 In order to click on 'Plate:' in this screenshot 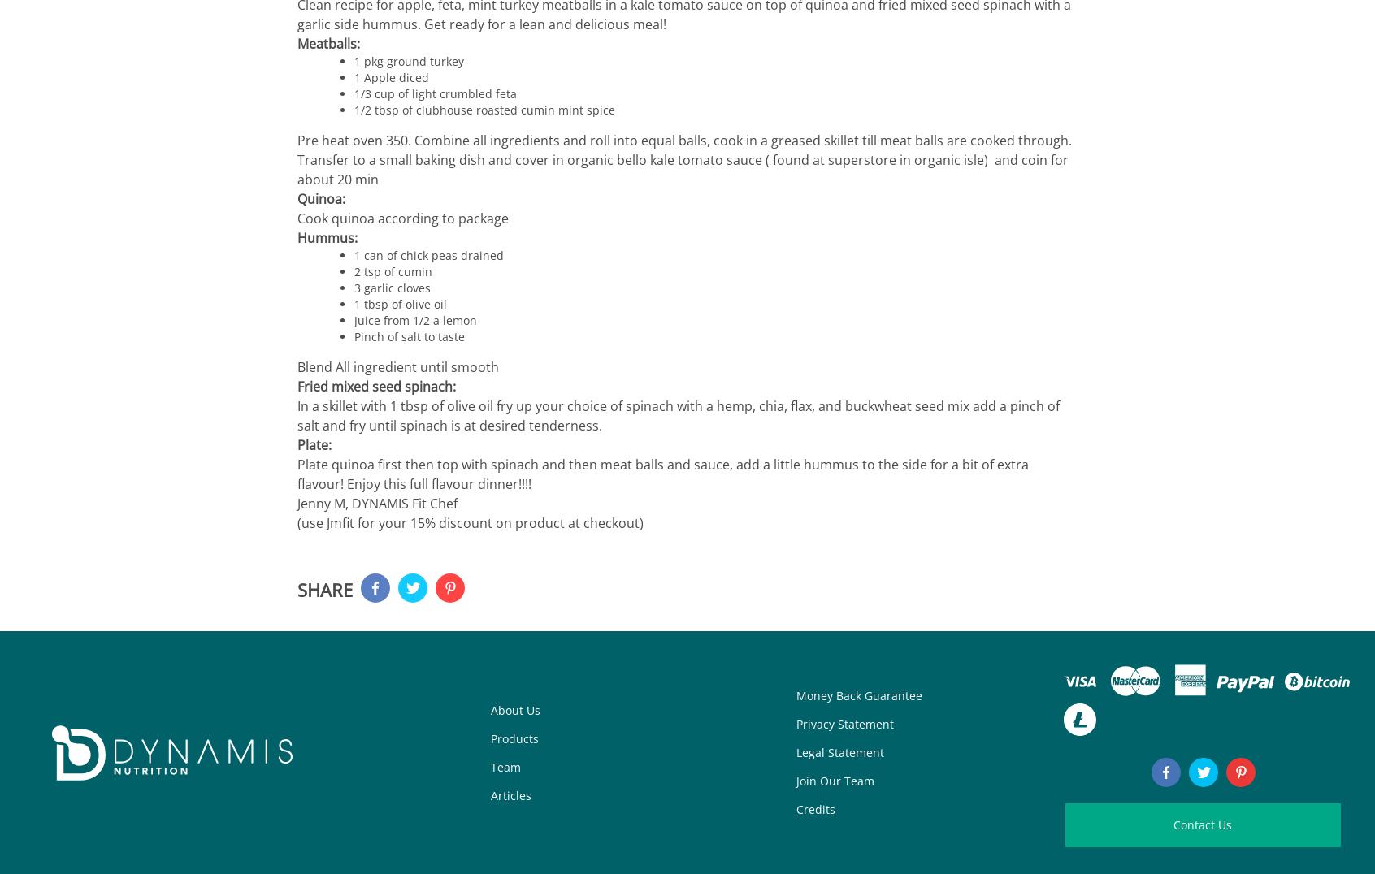, I will do `click(314, 444)`.